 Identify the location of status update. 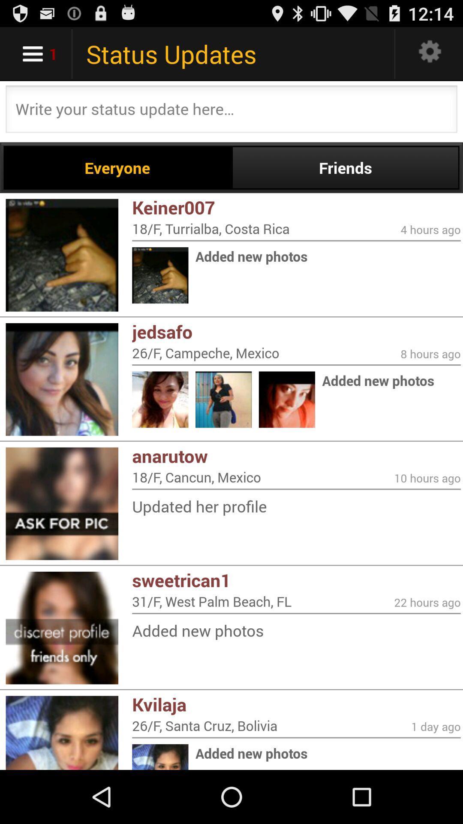
(231, 111).